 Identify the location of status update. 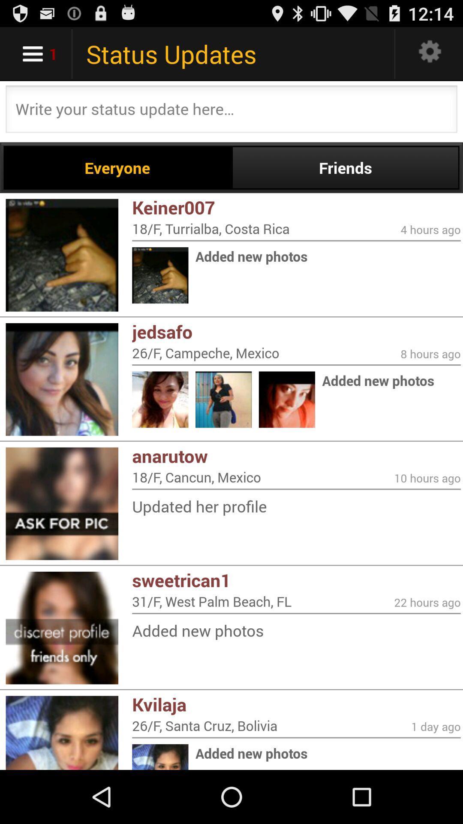
(231, 111).